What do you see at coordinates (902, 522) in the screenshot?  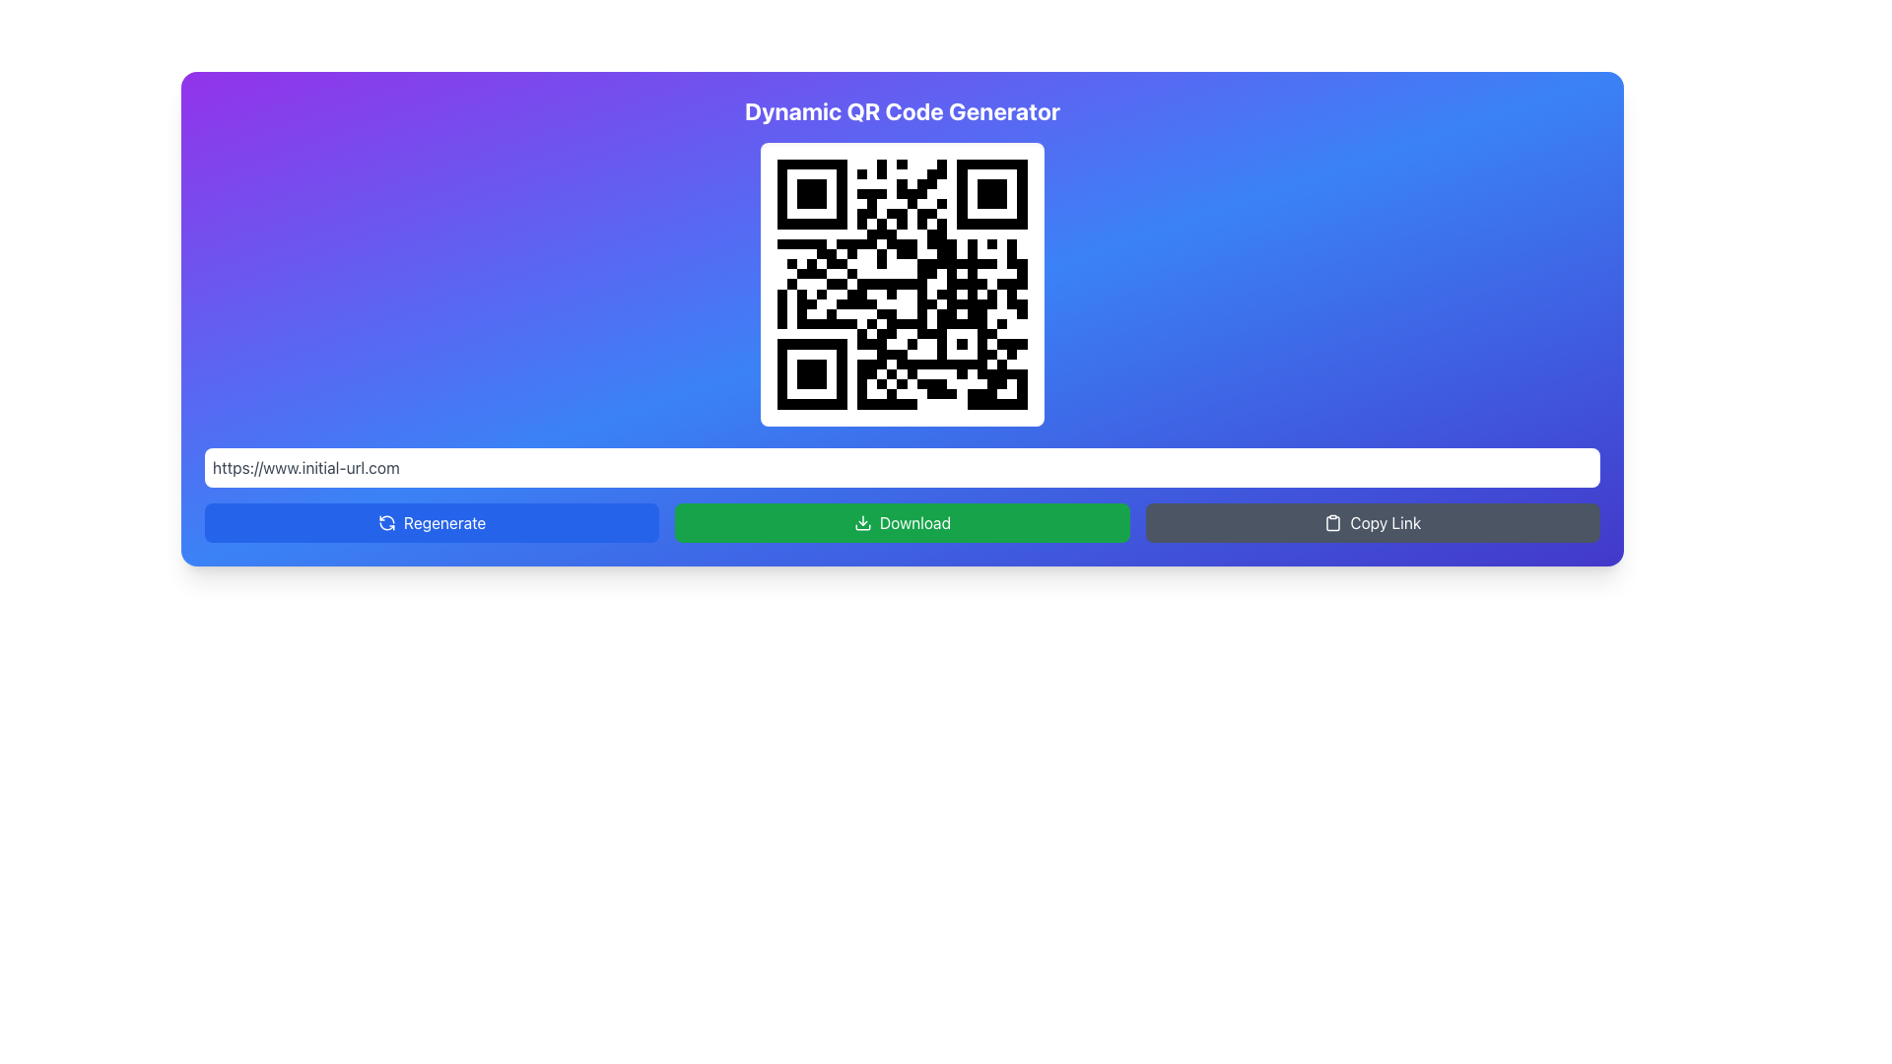 I see `the Copy Link button, which is part of a horizontal grid layout of three buttons (Regenerate, Download, and Copy Link) located in the bottom section of the interface, to copy the QR code URL` at bounding box center [902, 522].